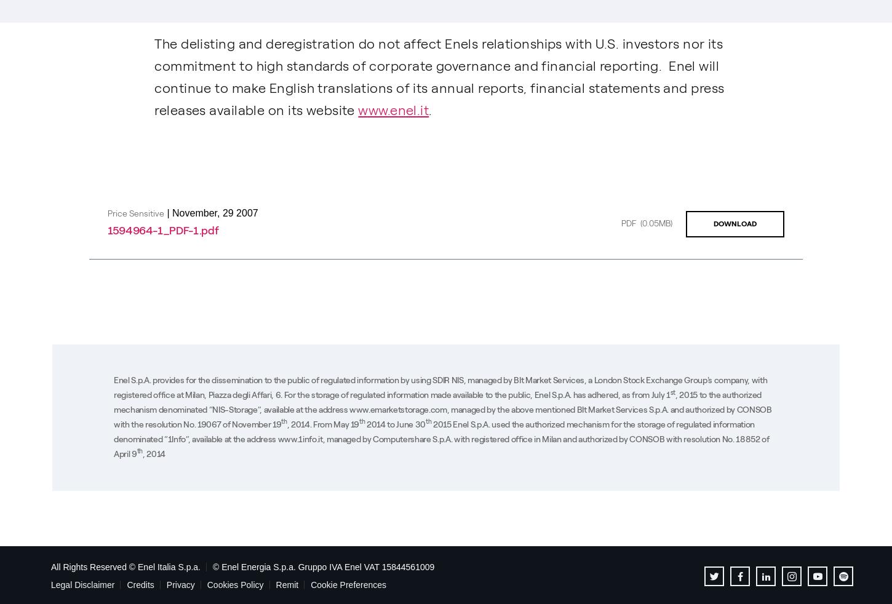 This screenshot has height=604, width=892. I want to click on '|', so click(168, 212).